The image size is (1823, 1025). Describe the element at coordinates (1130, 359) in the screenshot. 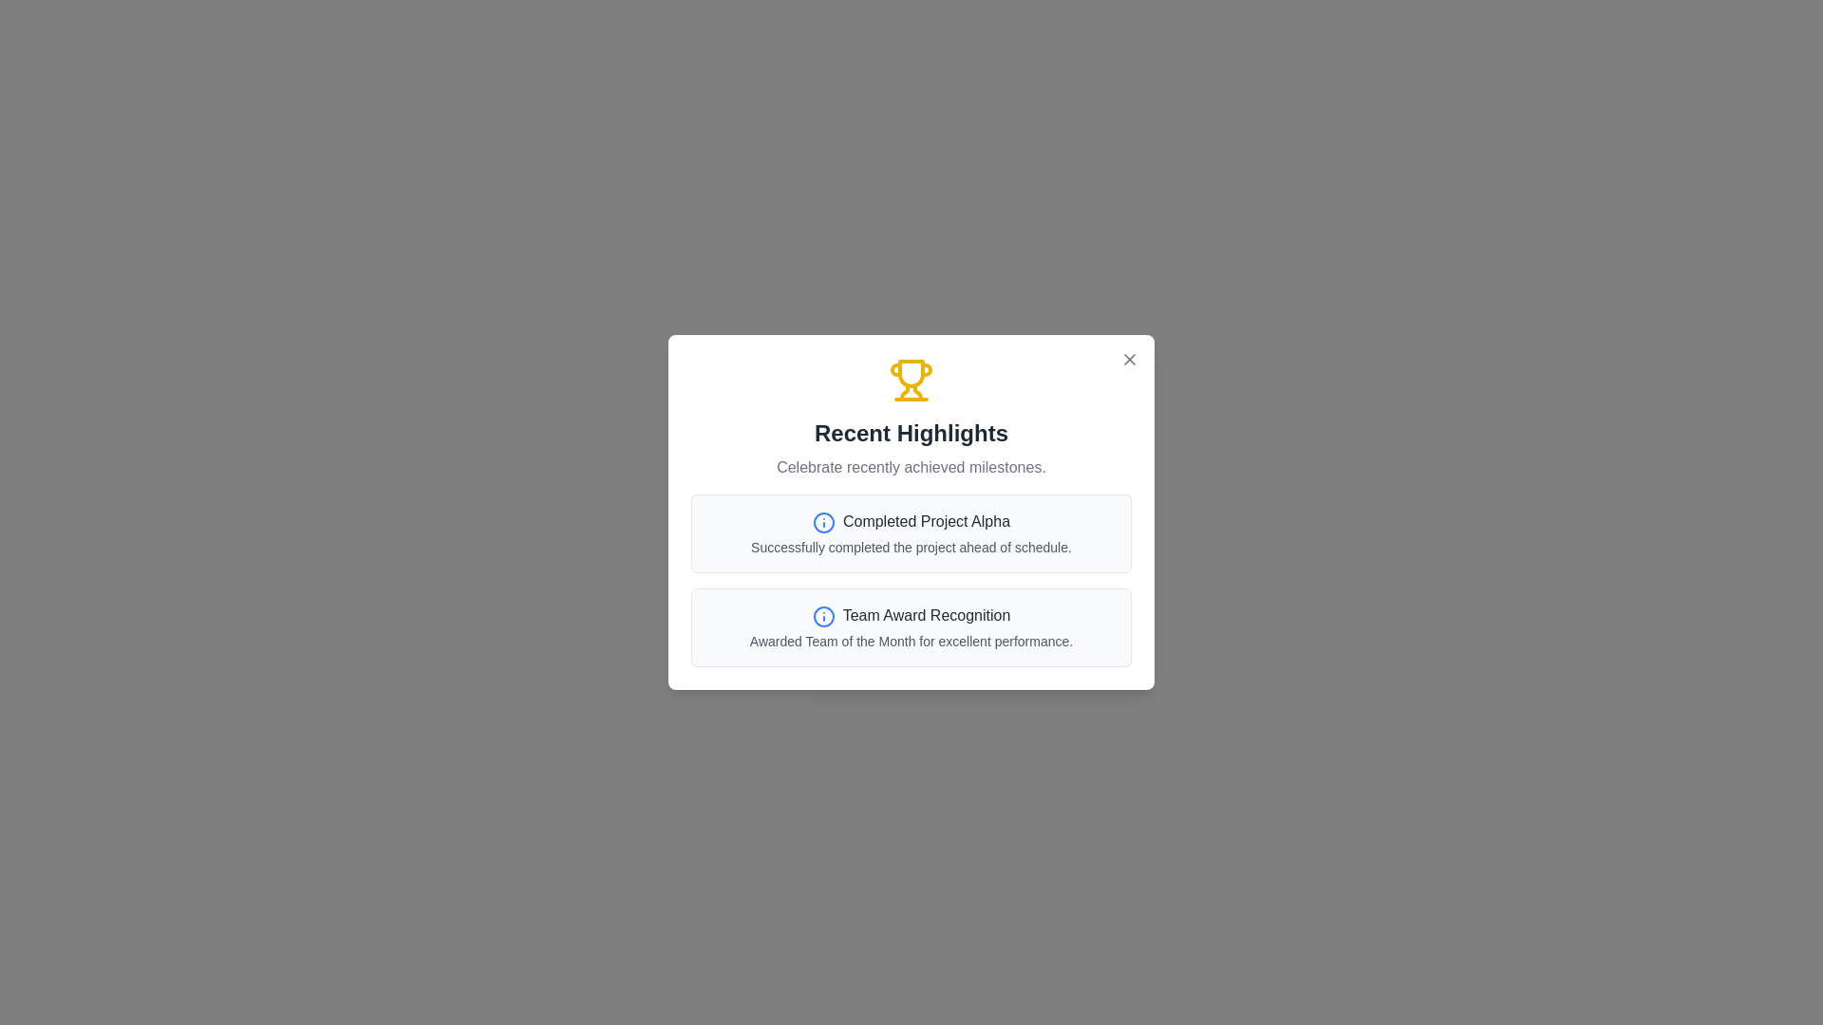

I see `the close button located in the top-right corner of the dialog box` at that location.